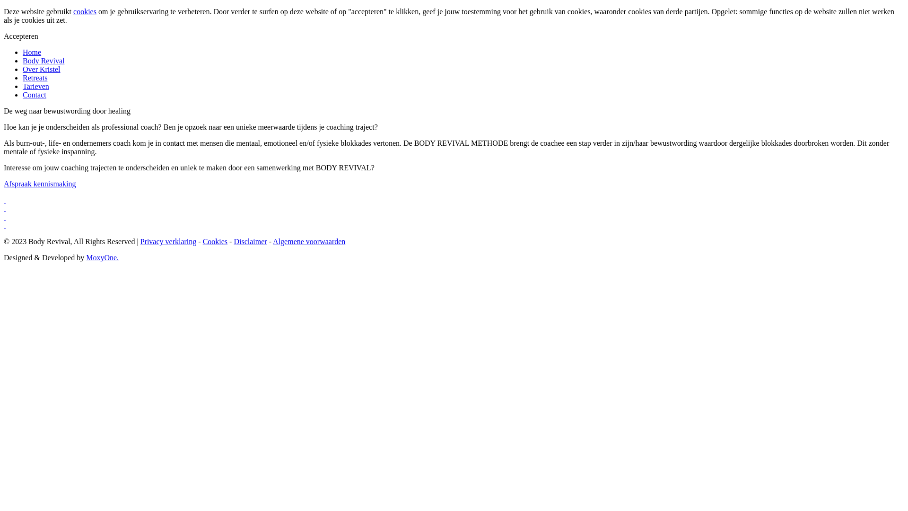  What do you see at coordinates (32, 52) in the screenshot?
I see `'Home'` at bounding box center [32, 52].